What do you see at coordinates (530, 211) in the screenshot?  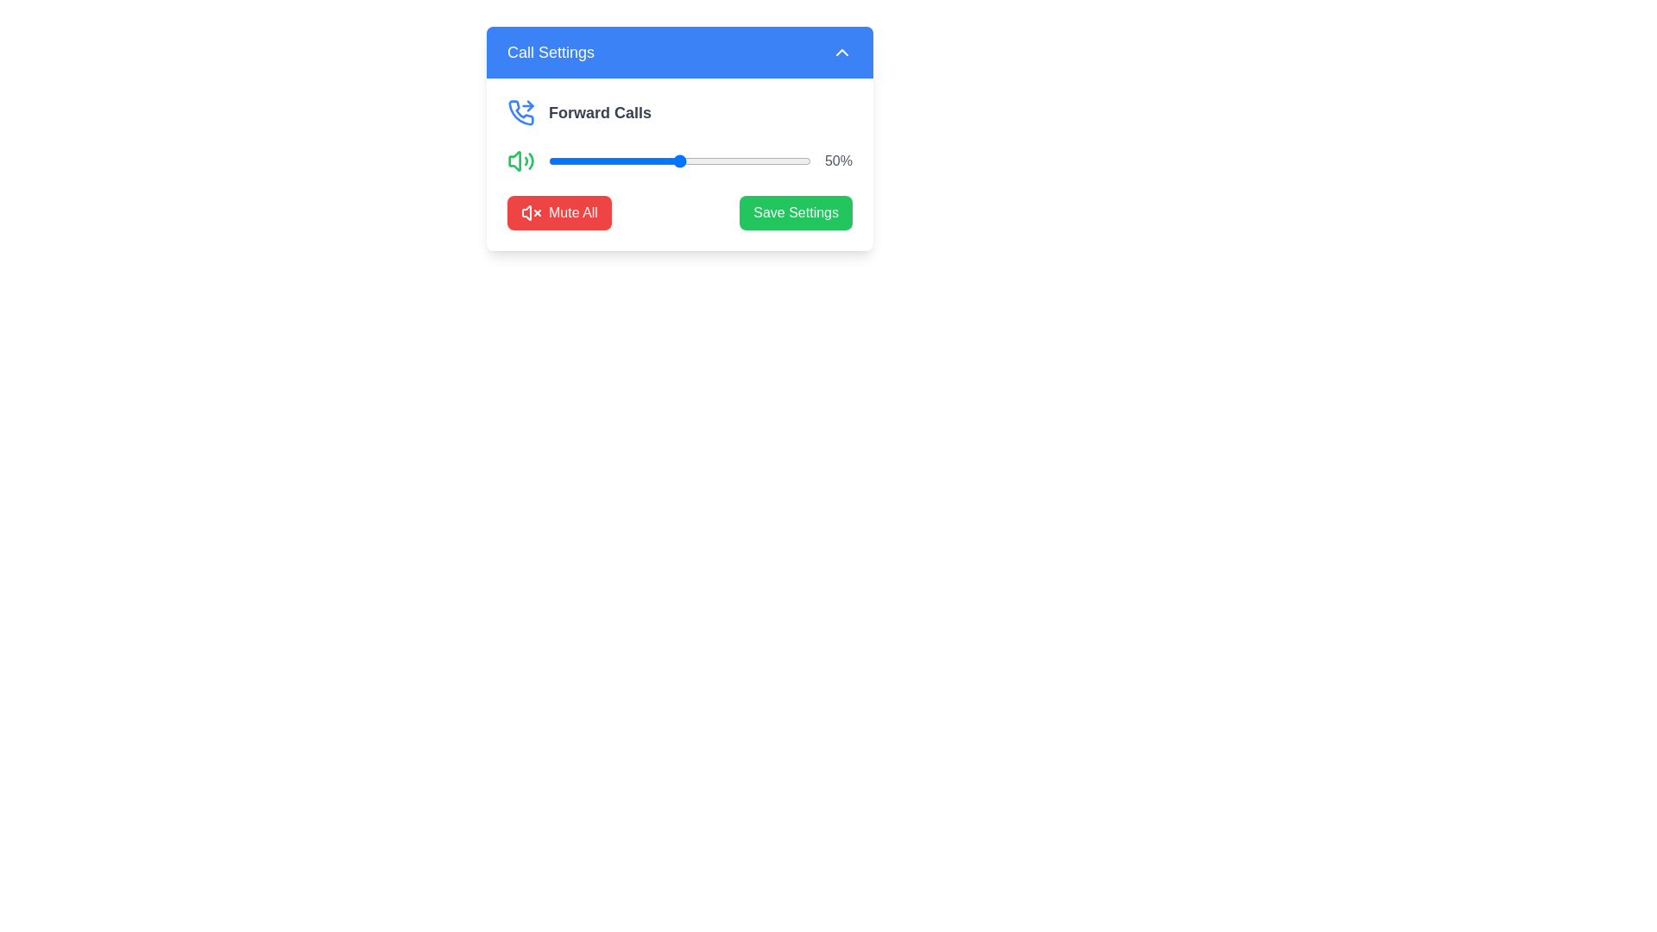 I see `the mute icon shaped as a speaker with an 'X' overlay, which is located on the leftmost side of the 'Mute All' button in the lower left corner of the 'Call Settings' panel` at bounding box center [530, 211].